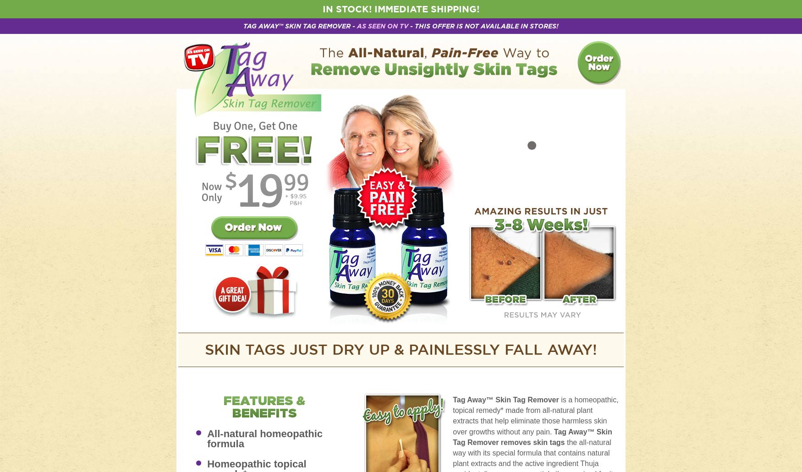  What do you see at coordinates (401, 349) in the screenshot?
I see `'skin tags just dry up & painlessly fall away!'` at bounding box center [401, 349].